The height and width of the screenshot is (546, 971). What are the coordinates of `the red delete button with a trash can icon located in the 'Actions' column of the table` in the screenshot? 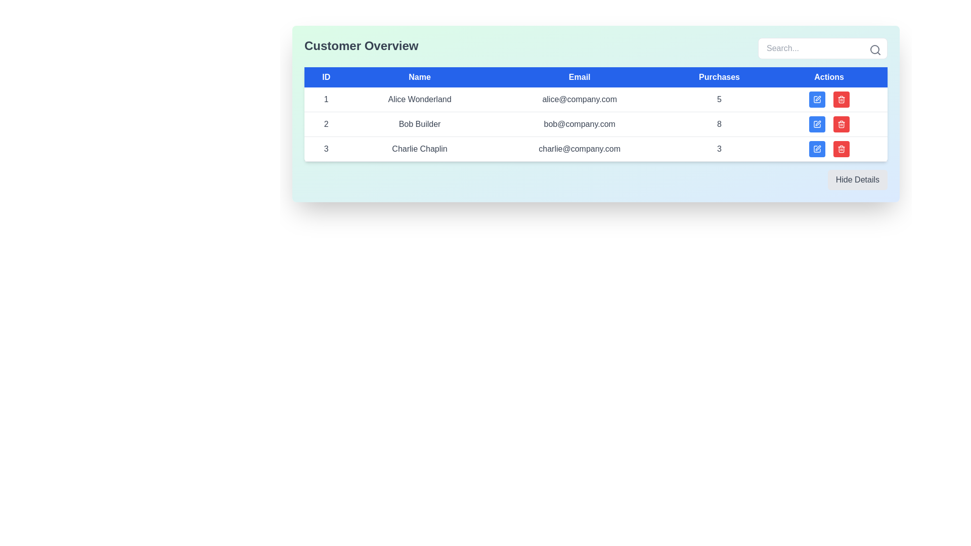 It's located at (841, 124).